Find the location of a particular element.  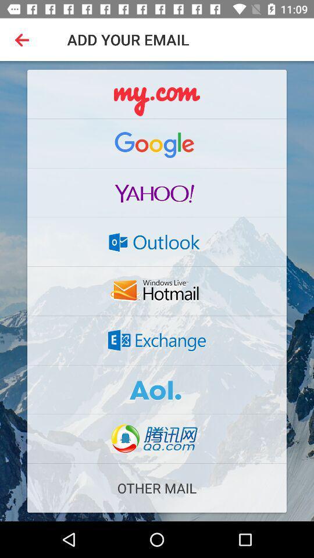

app next to add your email is located at coordinates (24, 40).